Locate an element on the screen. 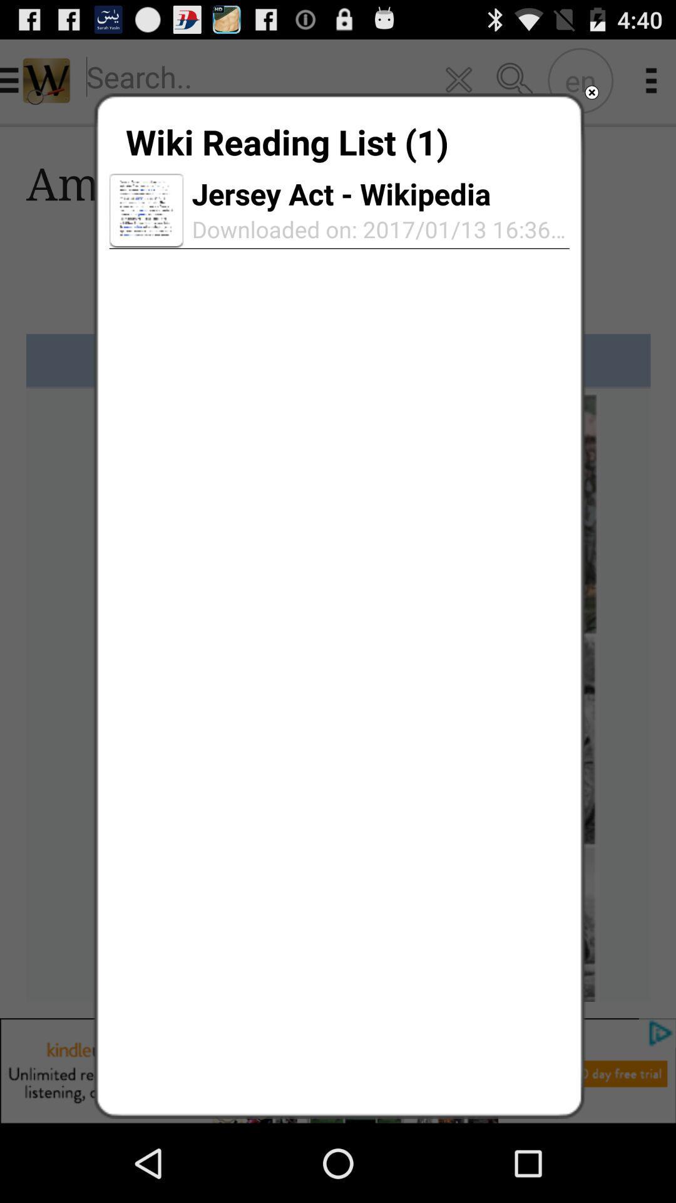 The height and width of the screenshot is (1203, 676). the app to the right of wiki reading list is located at coordinates (591, 91).